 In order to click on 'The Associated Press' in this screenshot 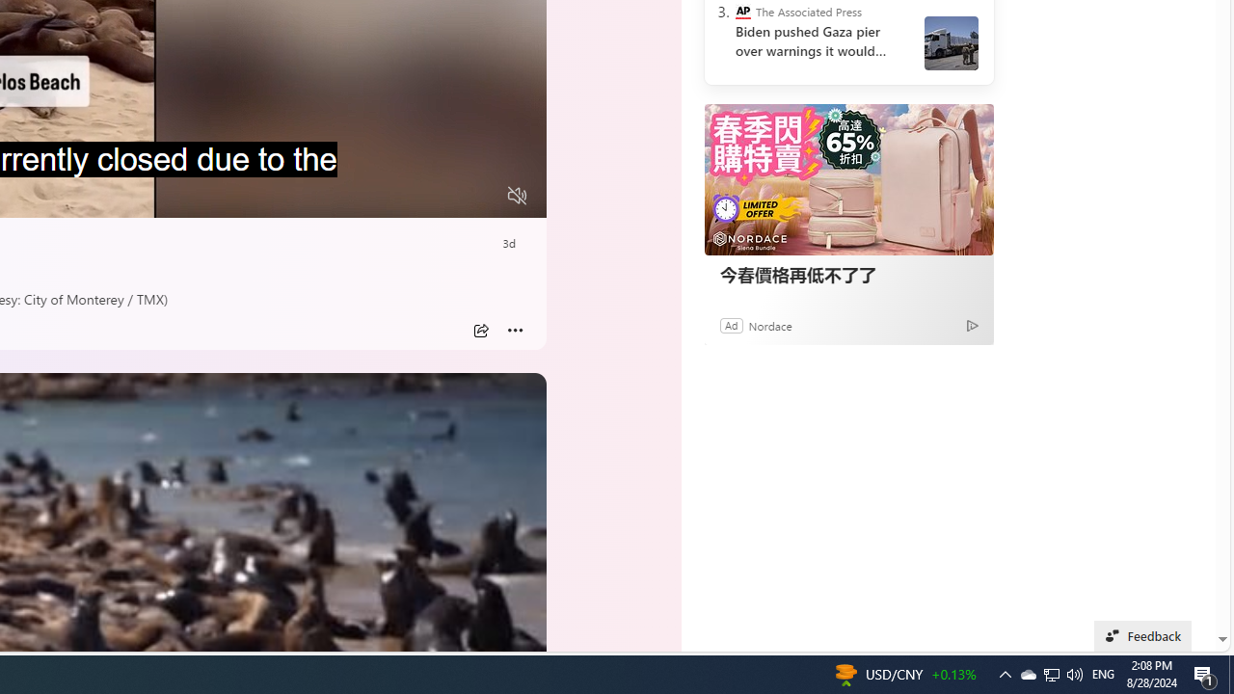, I will do `click(741, 12)`.